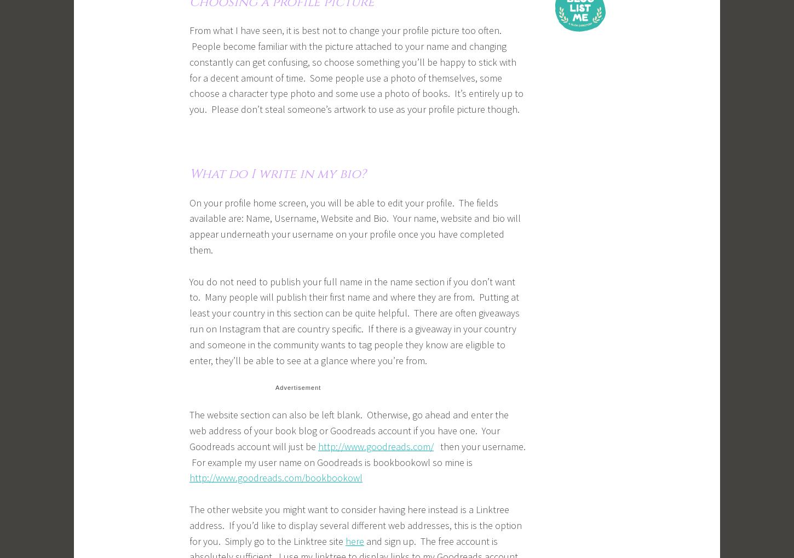  What do you see at coordinates (356, 453) in the screenshot?
I see `'then your username.  For example my user name on Goodreads is bookbookowl so mine is'` at bounding box center [356, 453].